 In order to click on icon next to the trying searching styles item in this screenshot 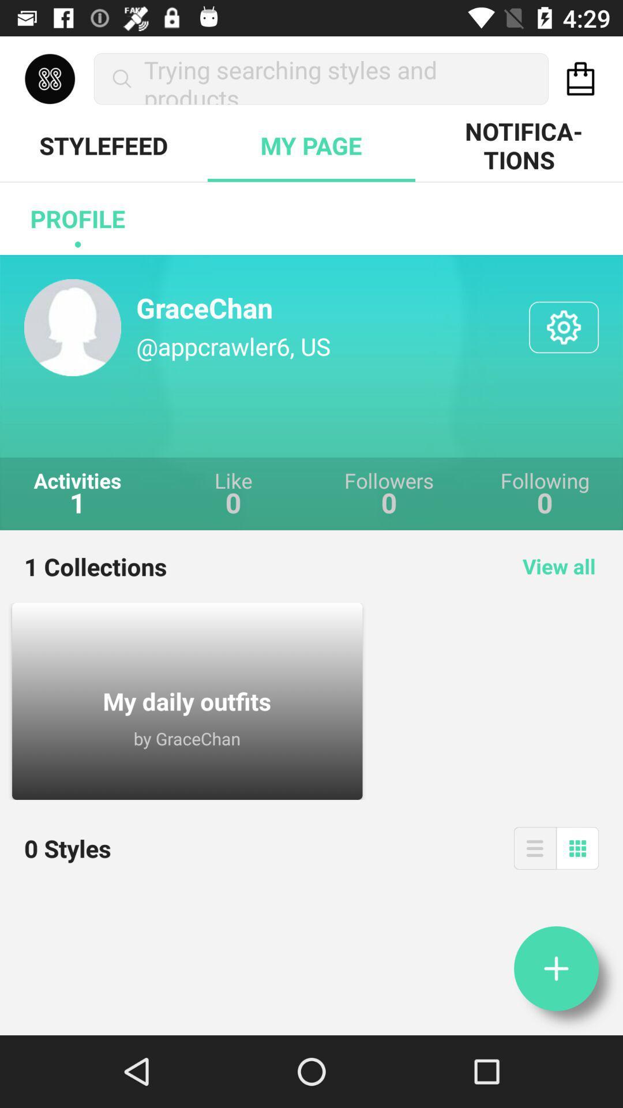, I will do `click(580, 78)`.